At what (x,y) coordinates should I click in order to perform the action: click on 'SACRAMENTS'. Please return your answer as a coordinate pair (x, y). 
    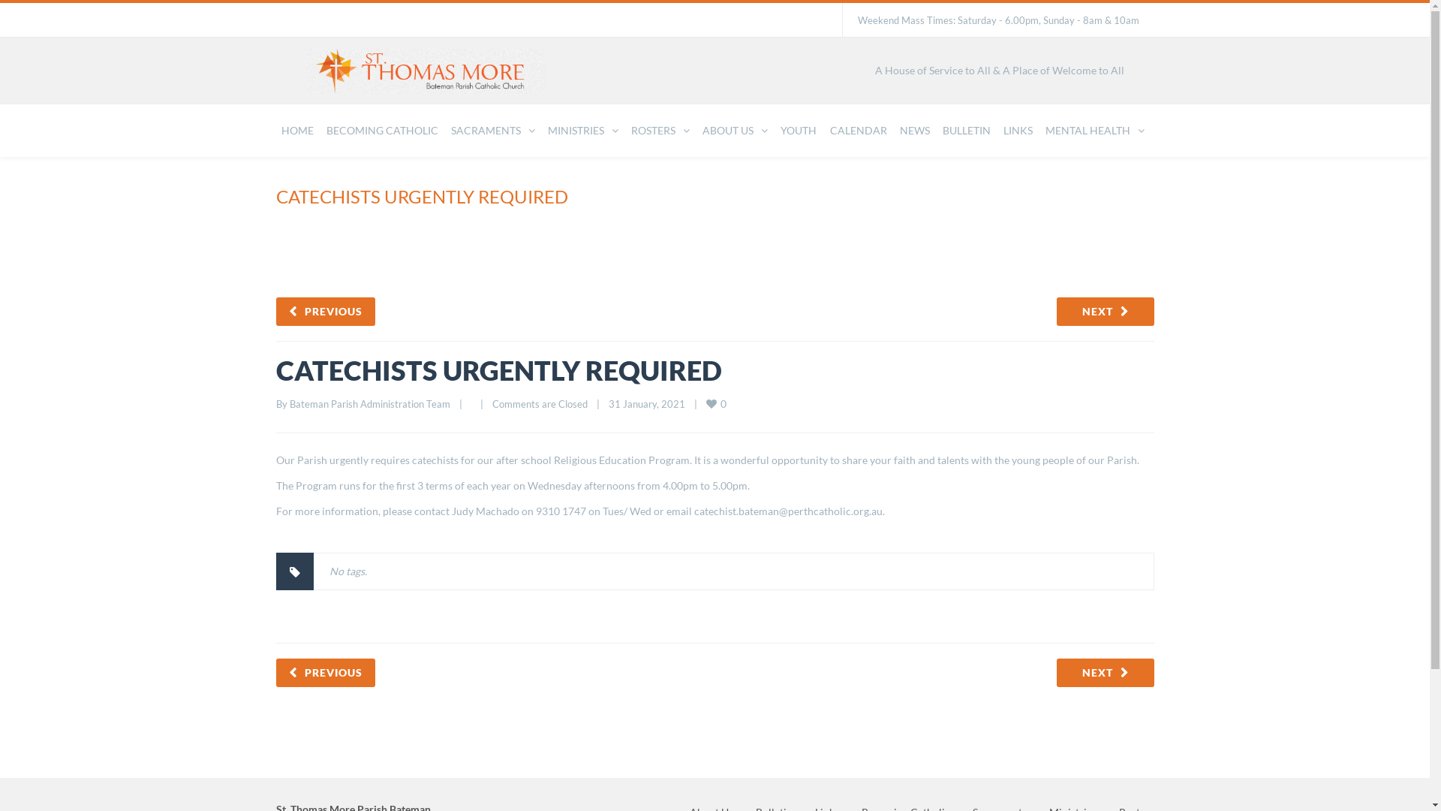
    Looking at the image, I should click on (493, 129).